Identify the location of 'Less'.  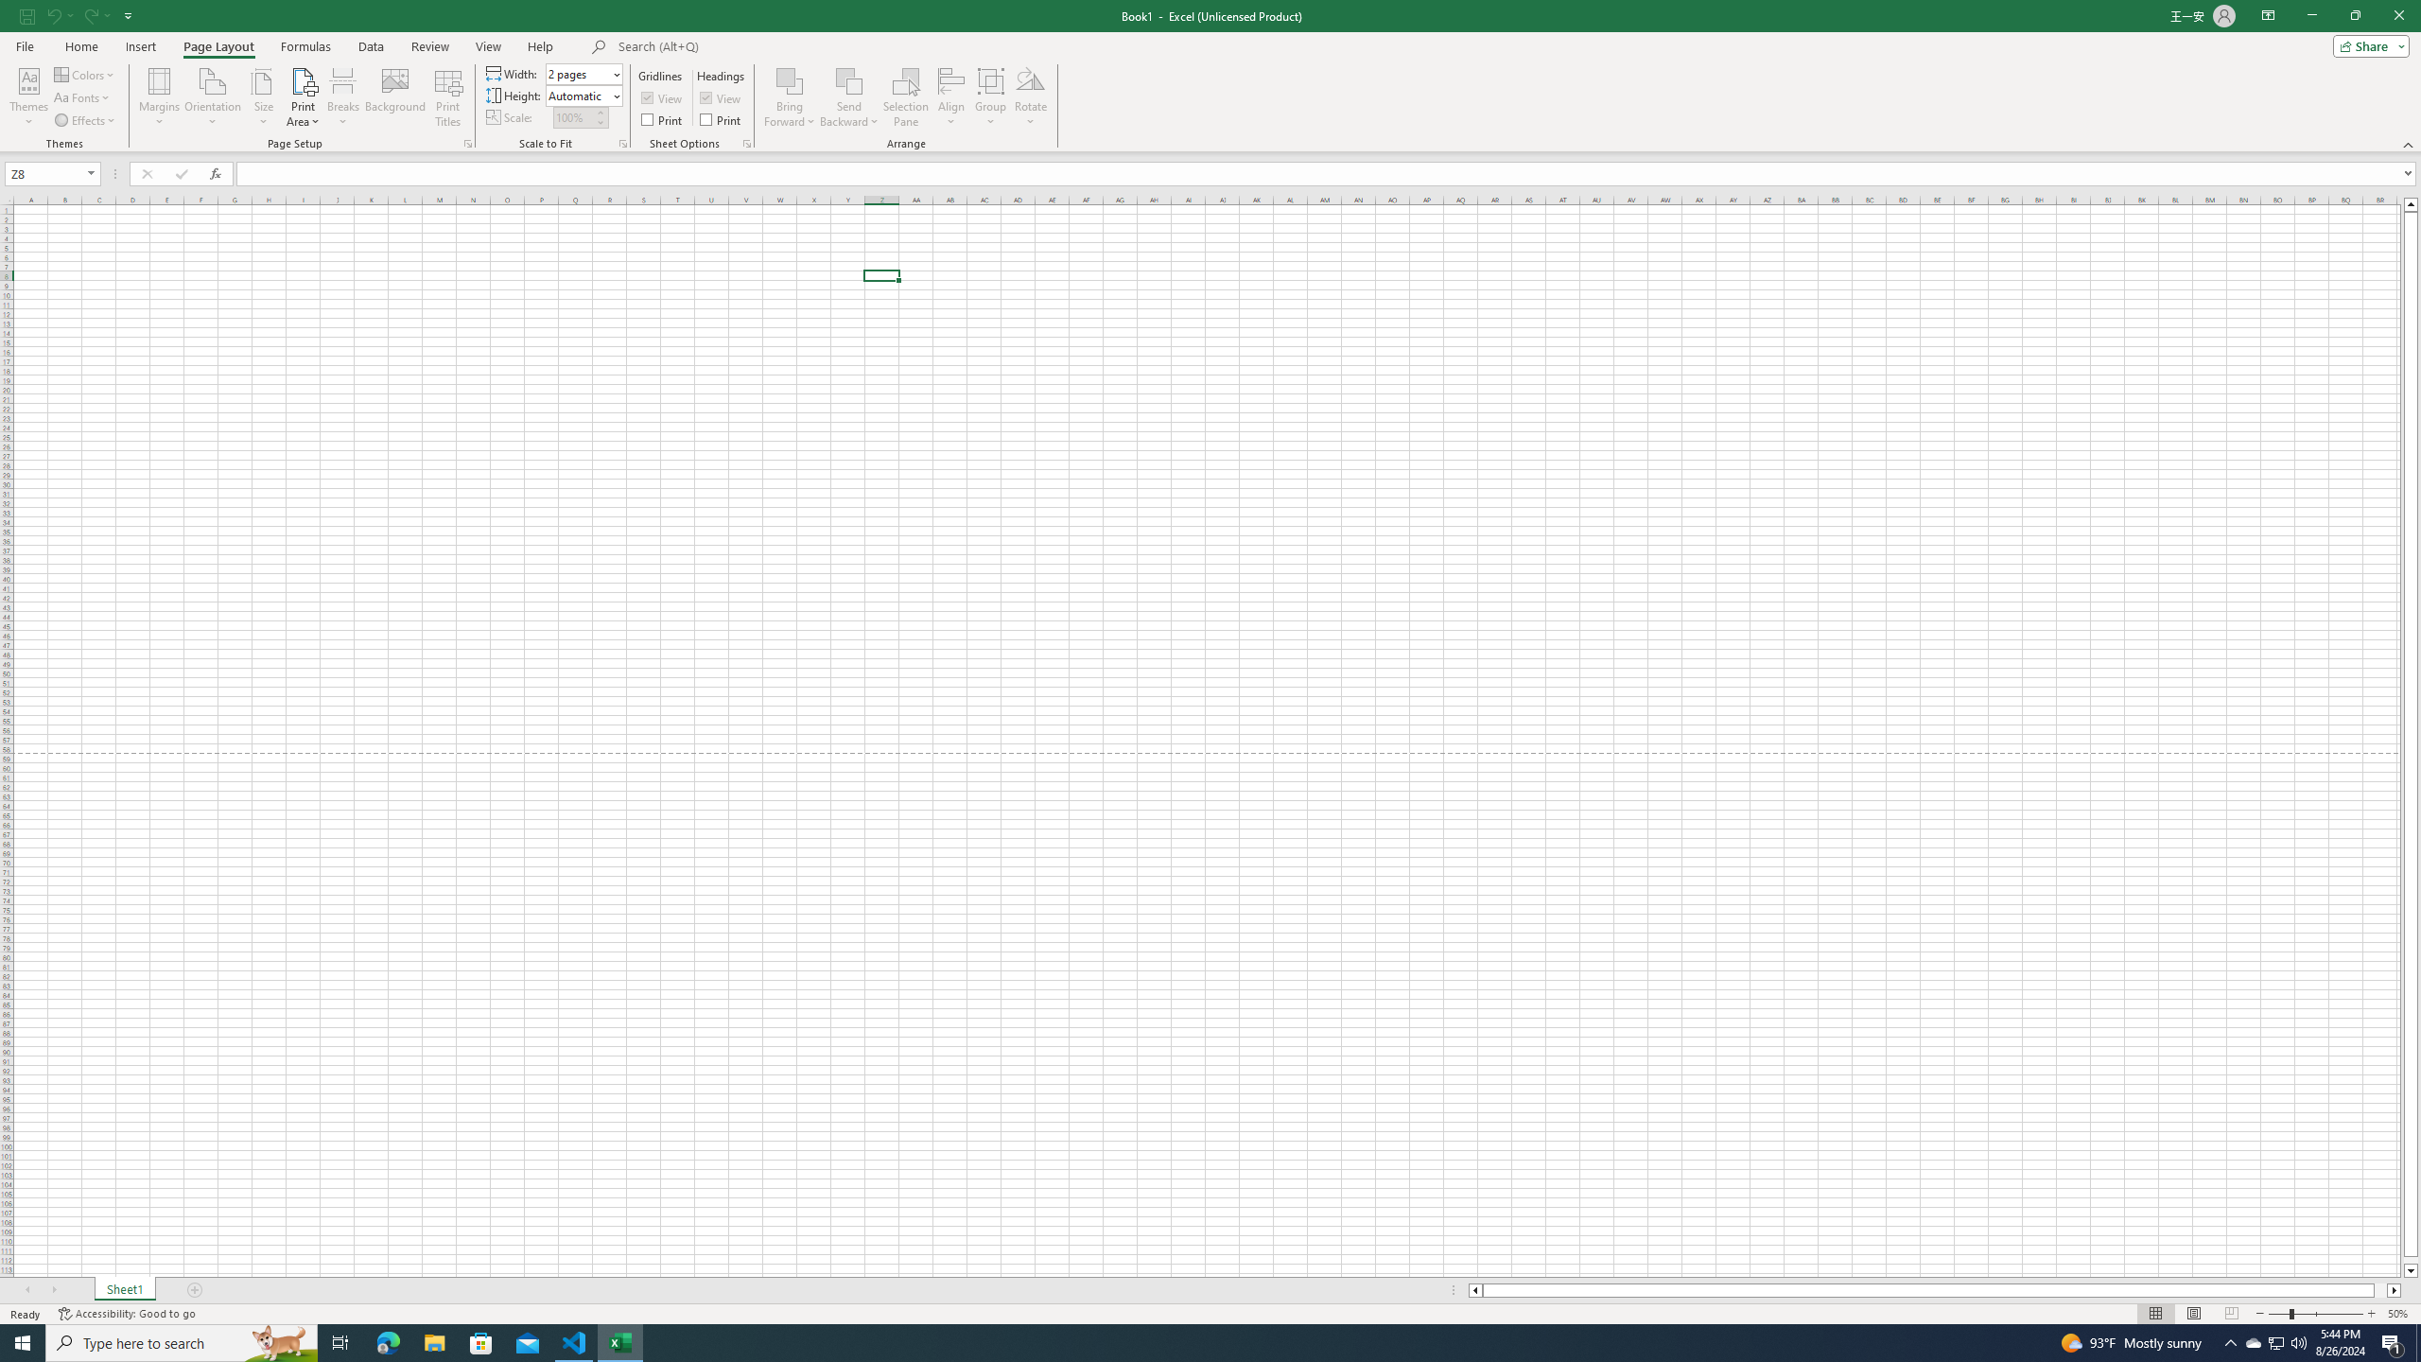
(599, 122).